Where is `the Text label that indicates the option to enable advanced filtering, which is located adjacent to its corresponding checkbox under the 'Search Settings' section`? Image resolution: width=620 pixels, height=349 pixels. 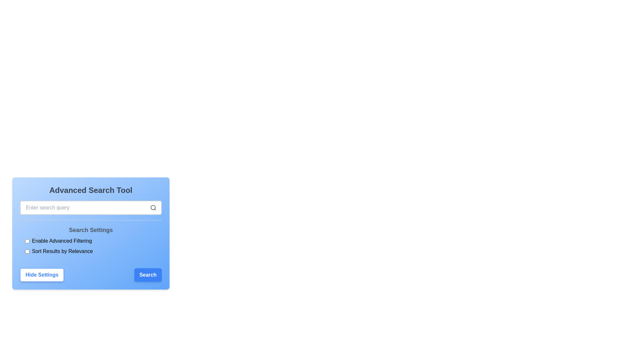
the Text label that indicates the option to enable advanced filtering, which is located adjacent to its corresponding checkbox under the 'Search Settings' section is located at coordinates (62, 241).